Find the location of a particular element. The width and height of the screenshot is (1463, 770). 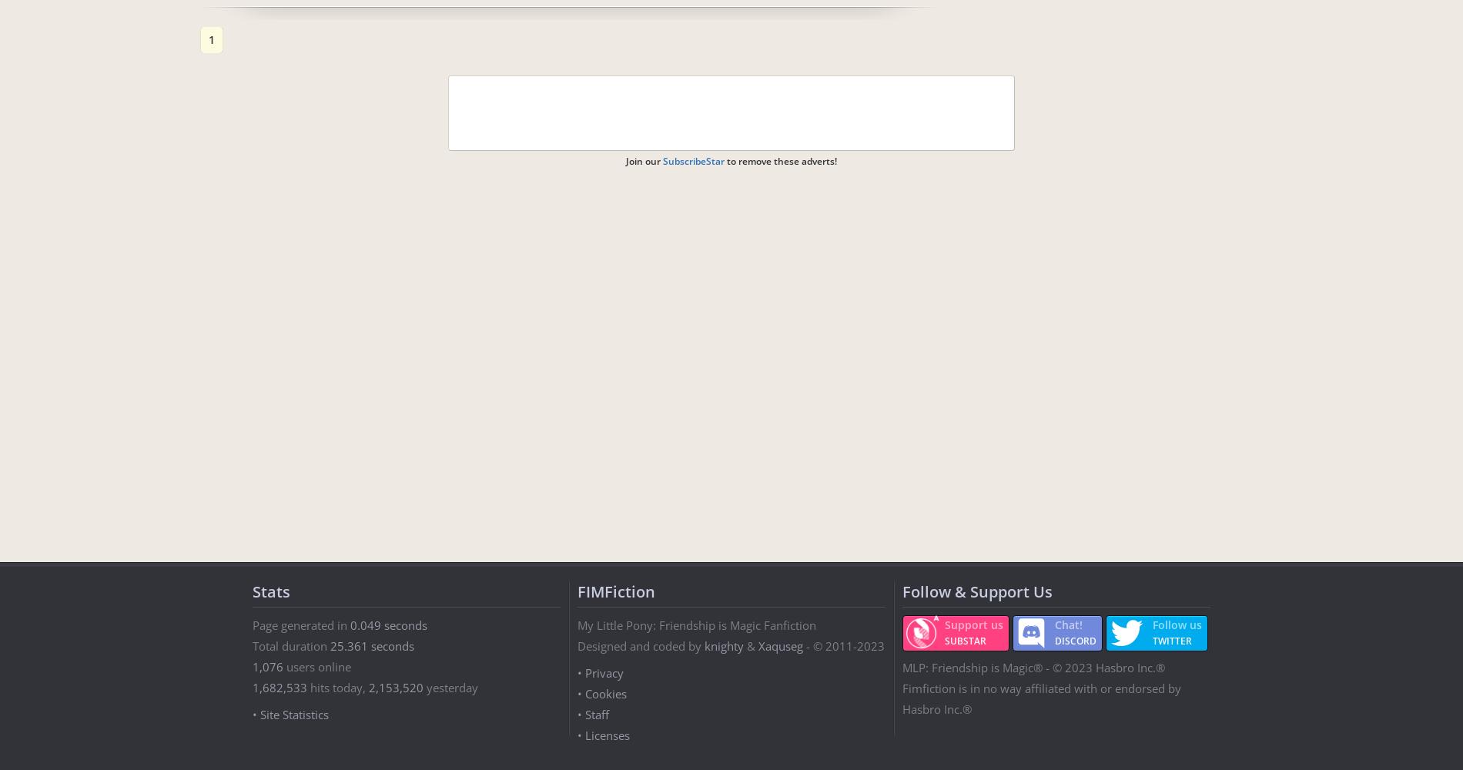

'My Little Pony: Friendship is Magic Fanfiction' is located at coordinates (695, 625).